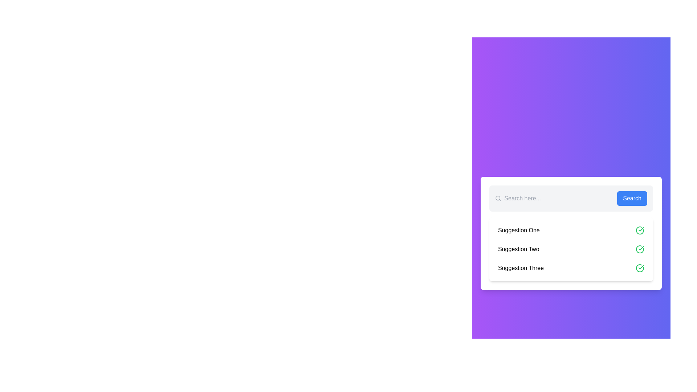 The width and height of the screenshot is (697, 392). Describe the element at coordinates (498, 199) in the screenshot. I see `the search icon located to the immediate left of the input field in the search bar, which indicates the search functionality of the interface` at that location.